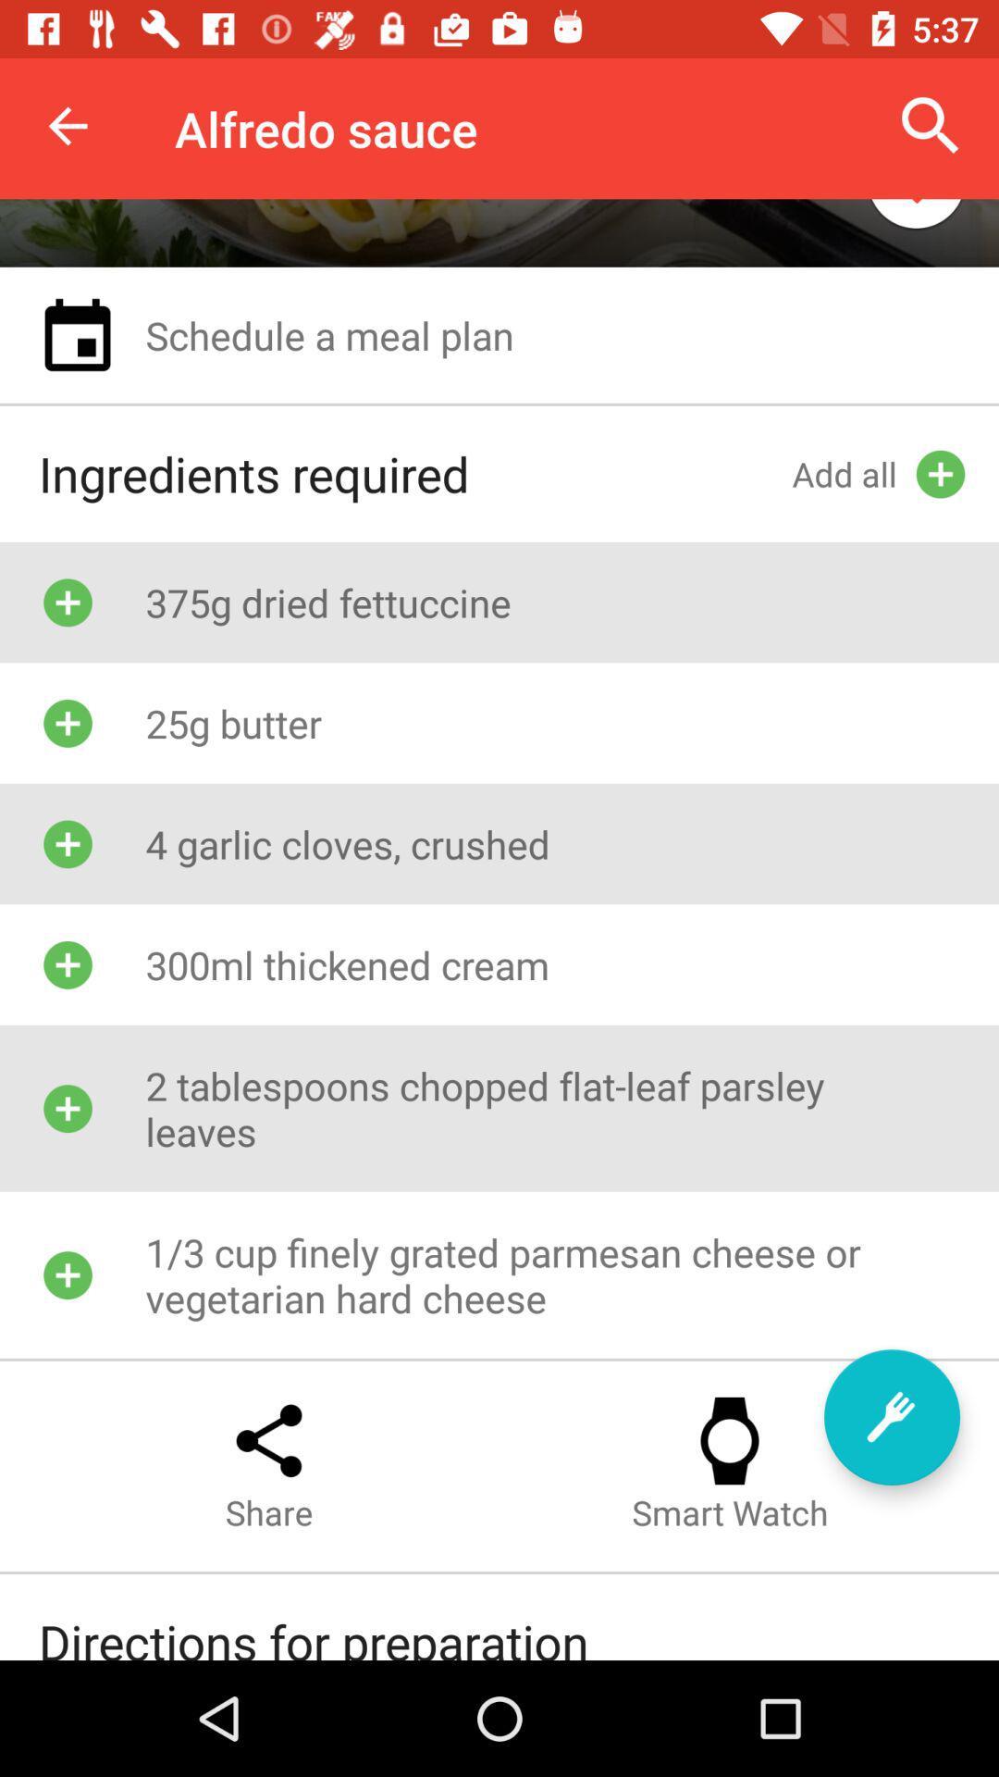 The width and height of the screenshot is (999, 1777). What do you see at coordinates (891, 1416) in the screenshot?
I see `icon below 2 tablespoons chopped item` at bounding box center [891, 1416].